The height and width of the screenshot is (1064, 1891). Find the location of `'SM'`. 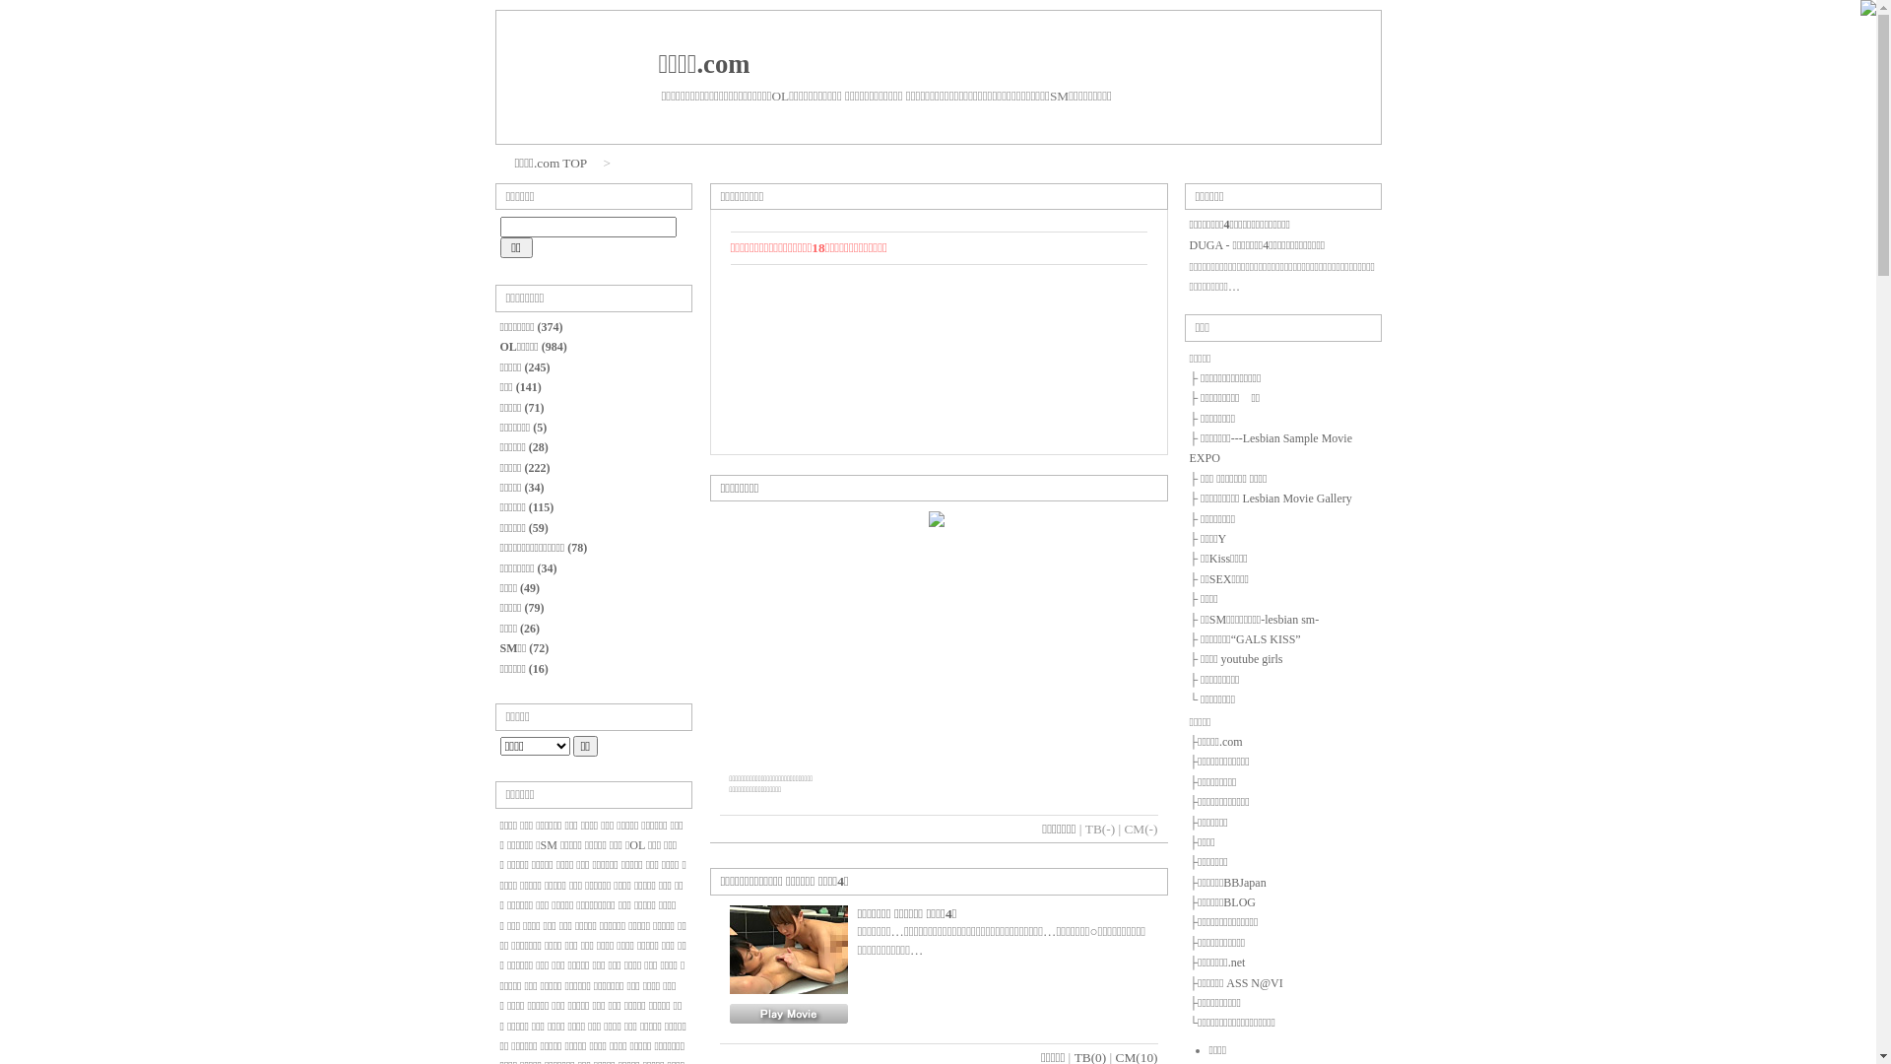

'SM' is located at coordinates (549, 843).